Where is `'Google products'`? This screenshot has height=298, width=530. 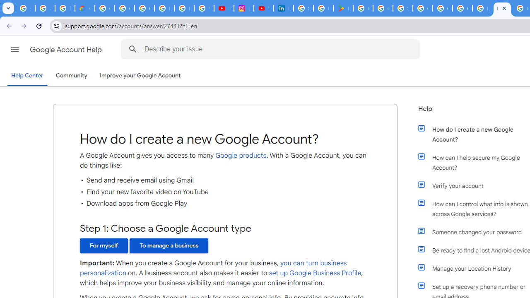
'Google products' is located at coordinates (240, 155).